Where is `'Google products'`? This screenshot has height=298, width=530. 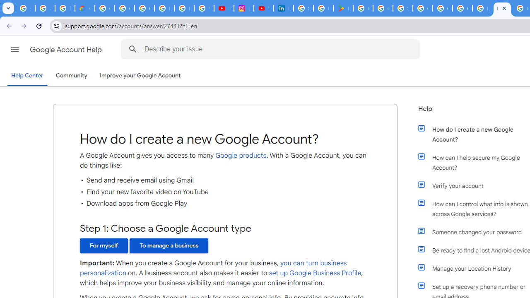
'Google products' is located at coordinates (240, 155).